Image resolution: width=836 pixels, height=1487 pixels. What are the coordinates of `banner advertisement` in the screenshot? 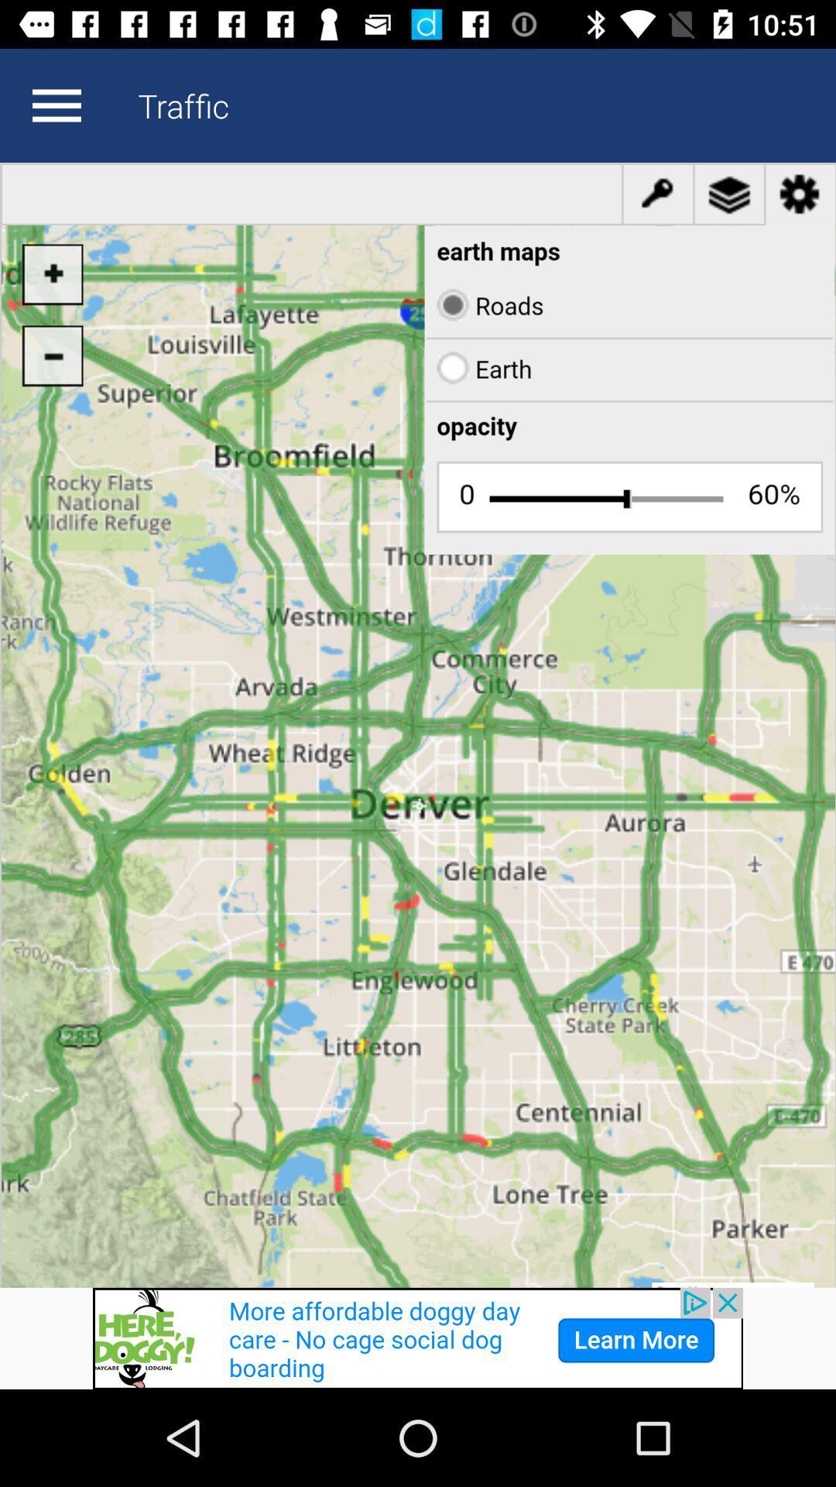 It's located at (418, 1338).